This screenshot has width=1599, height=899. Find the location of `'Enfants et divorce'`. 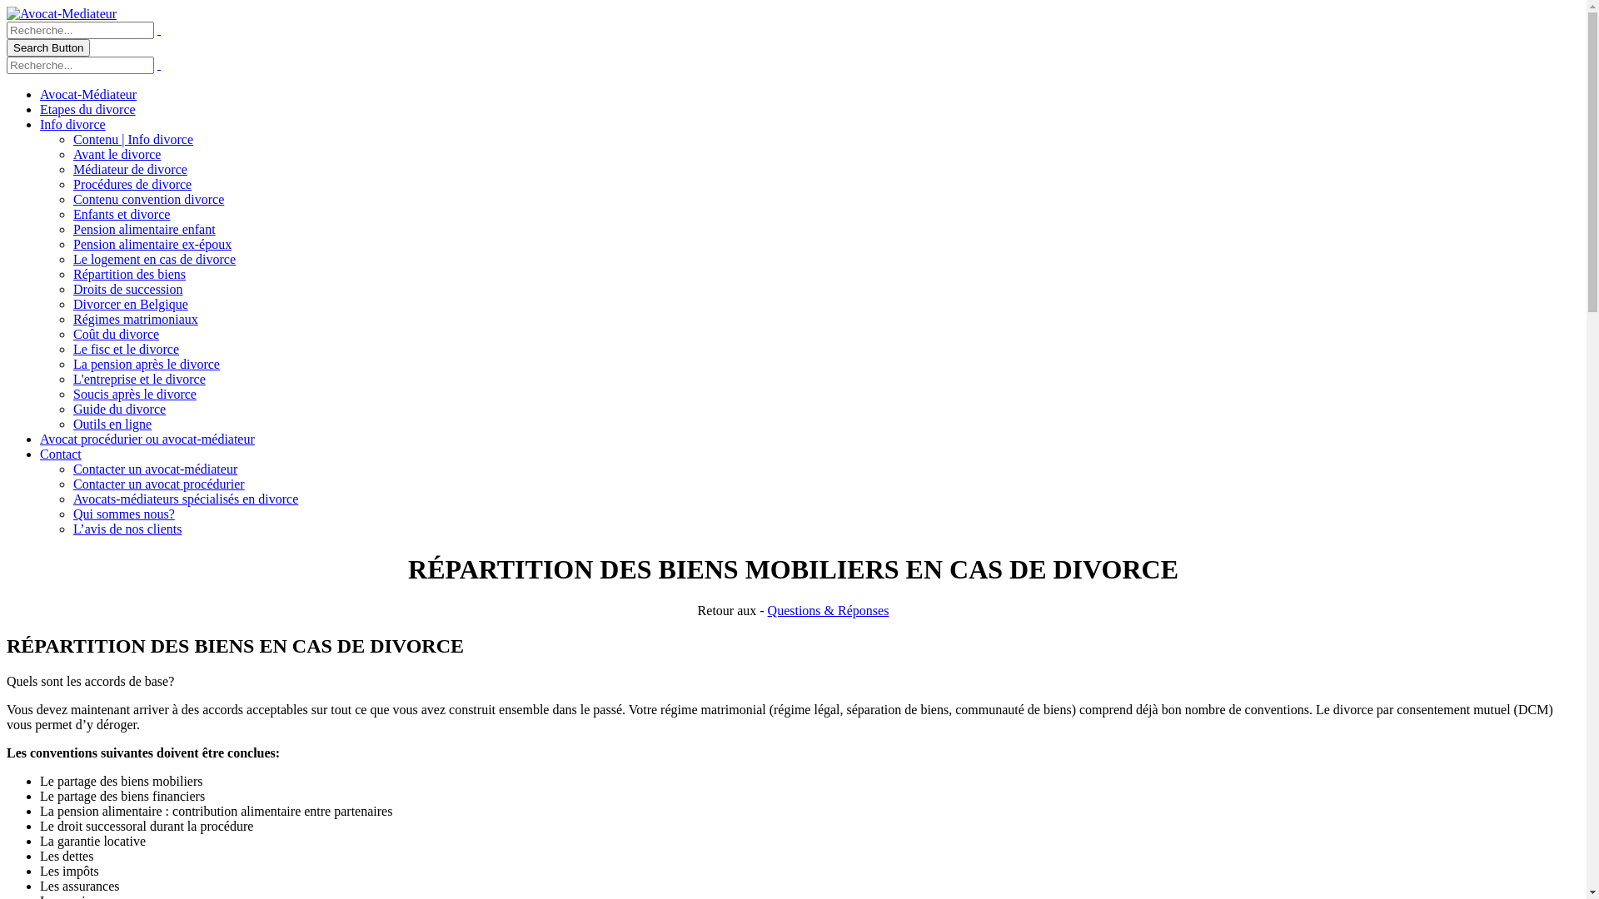

'Enfants et divorce' is located at coordinates (120, 213).